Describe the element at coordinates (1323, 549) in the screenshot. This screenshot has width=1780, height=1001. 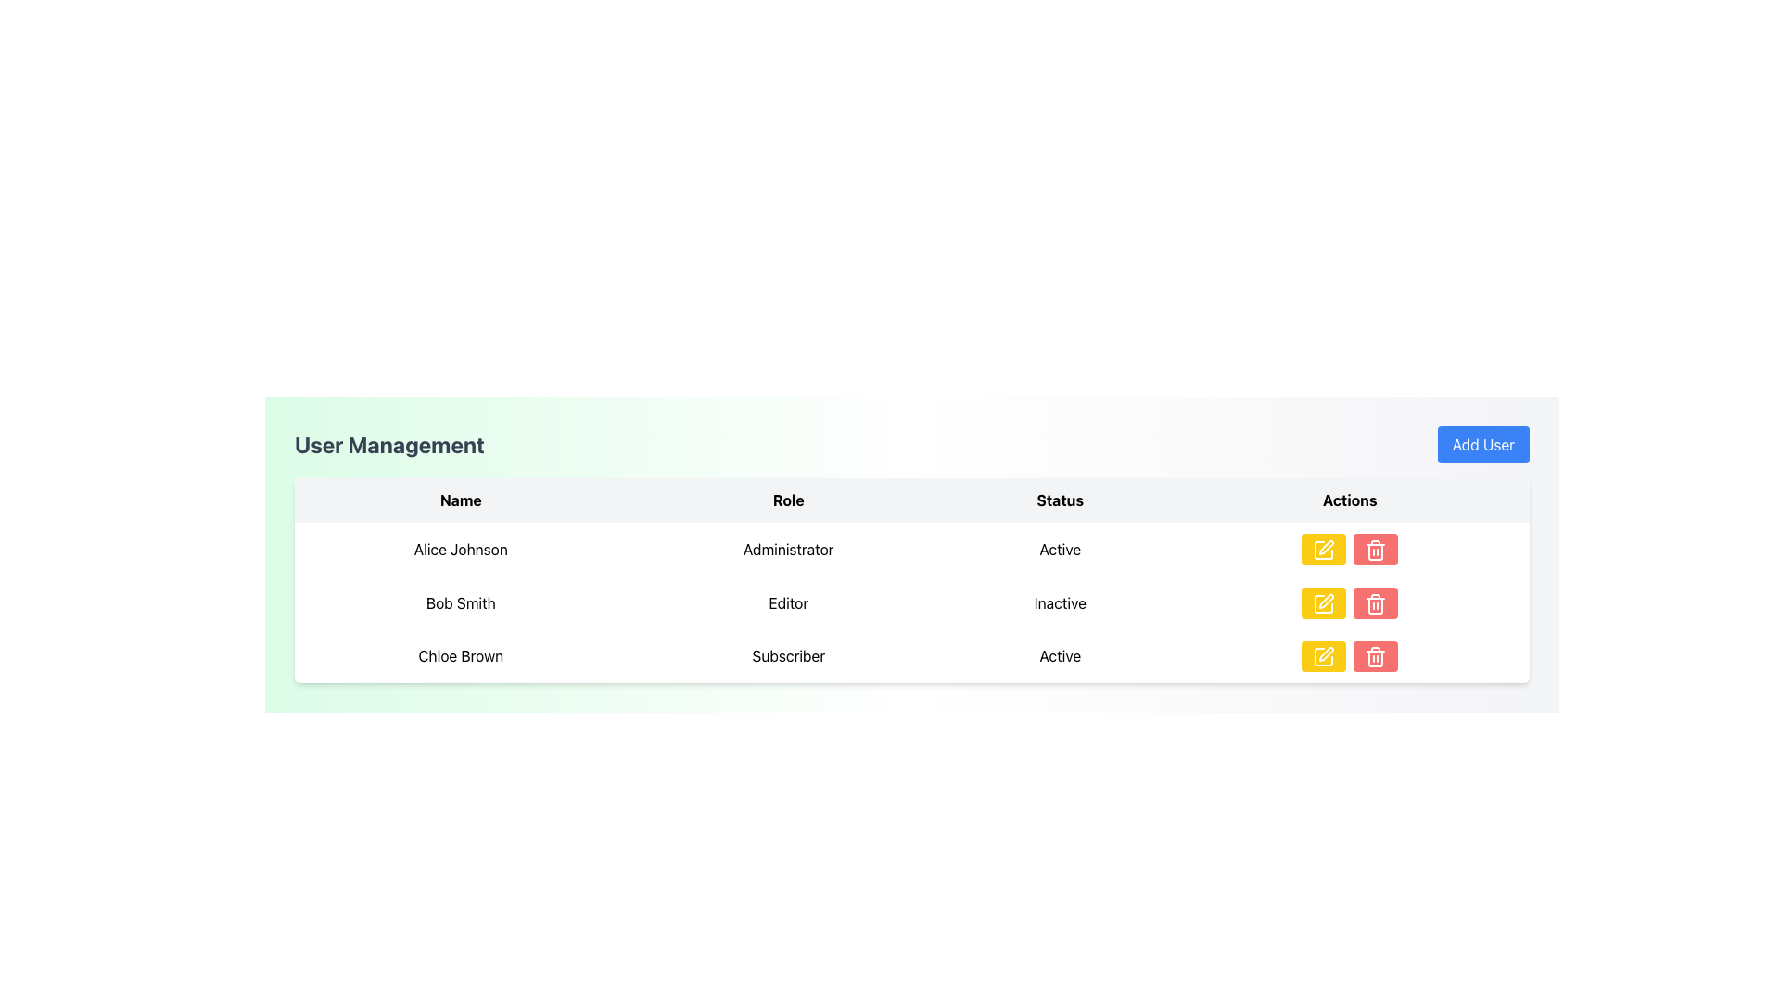
I see `the edit button located in the second row of the Actions column, adjacent to the row entry for 'Bob Smith'` at that location.